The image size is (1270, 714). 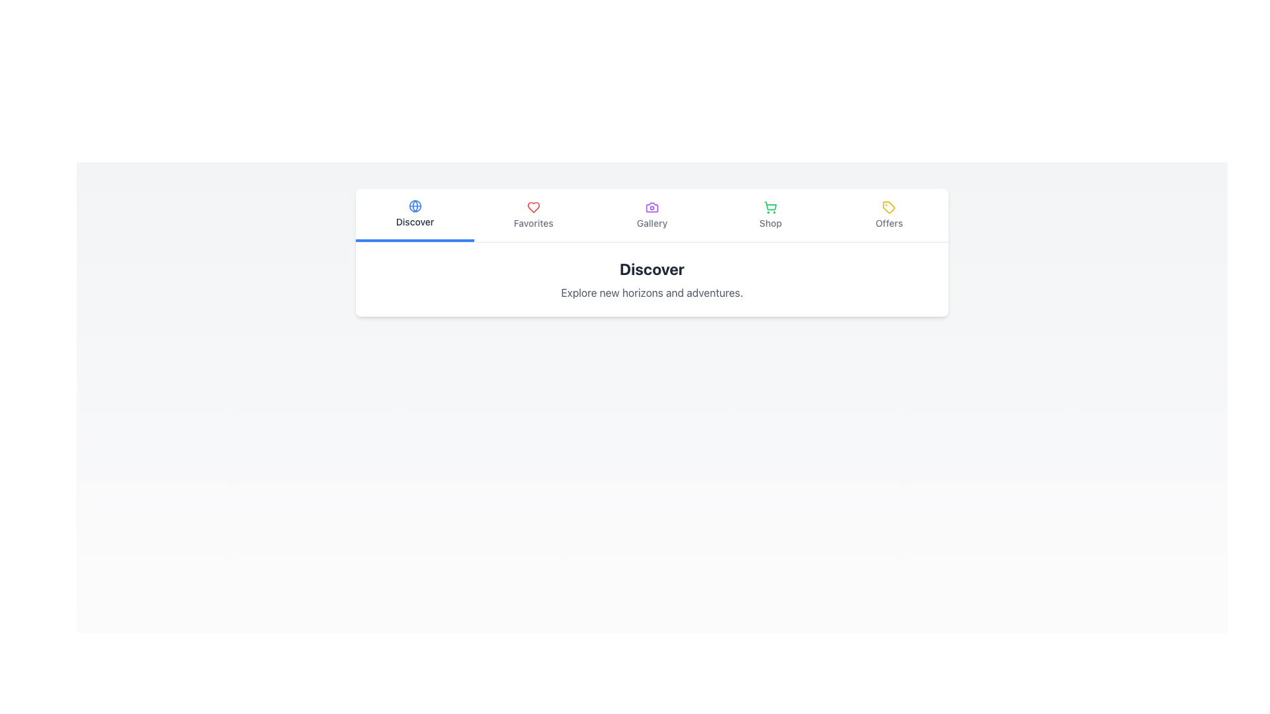 What do you see at coordinates (533, 215) in the screenshot?
I see `the heart-shaped 'Favorites' navigation button` at bounding box center [533, 215].